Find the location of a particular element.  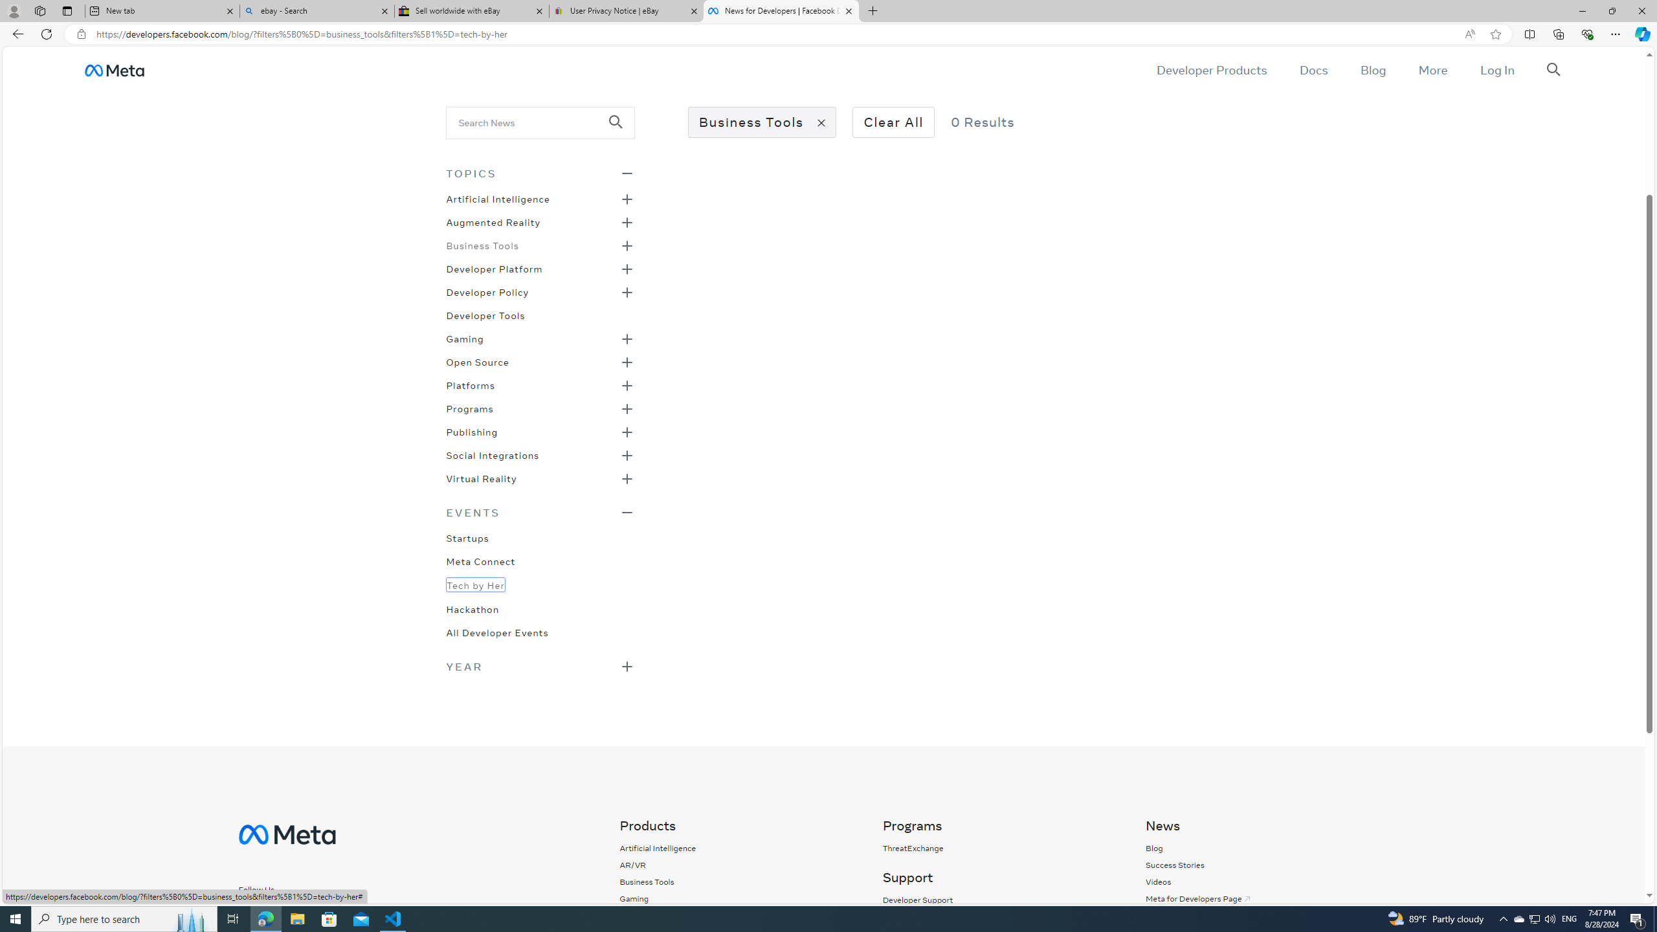

'Virtual Reality' is located at coordinates (480, 476).